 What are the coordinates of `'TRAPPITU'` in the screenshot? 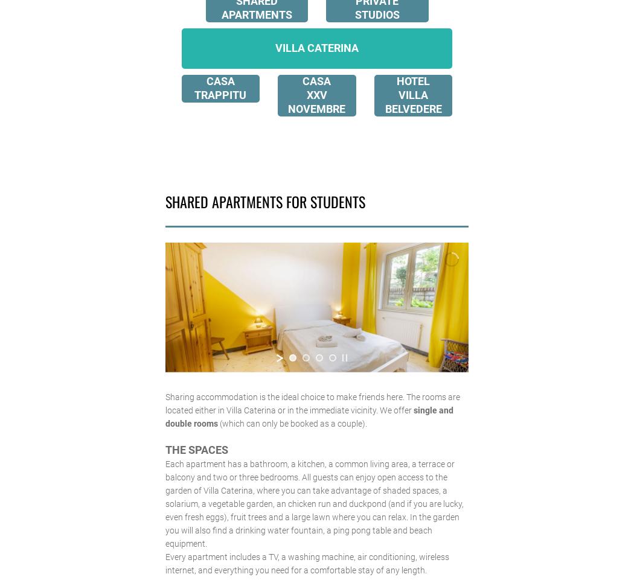 It's located at (194, 94).